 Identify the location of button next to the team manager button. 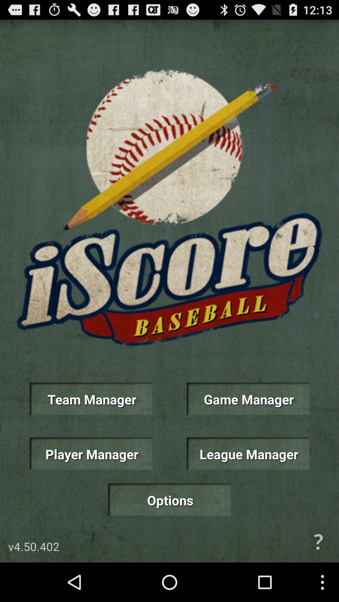
(248, 399).